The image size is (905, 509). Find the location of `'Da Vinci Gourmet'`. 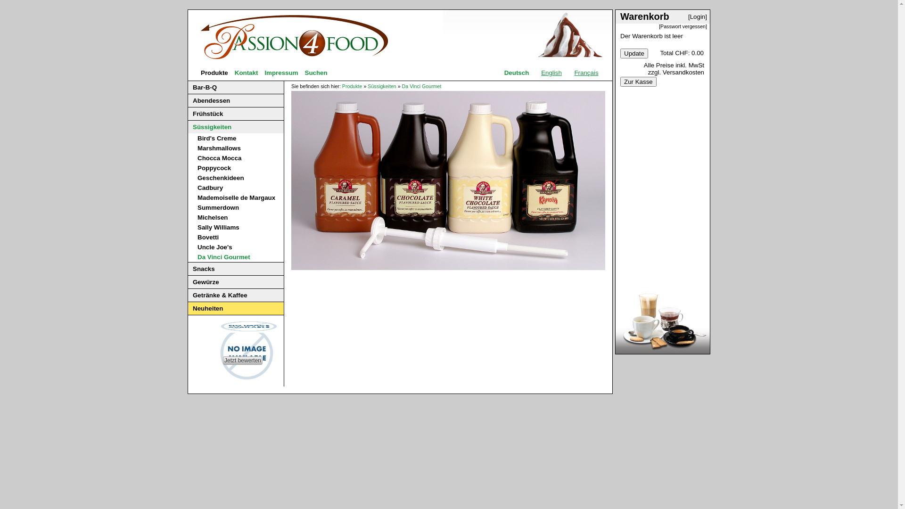

'Da Vinci Gourmet' is located at coordinates (197, 257).